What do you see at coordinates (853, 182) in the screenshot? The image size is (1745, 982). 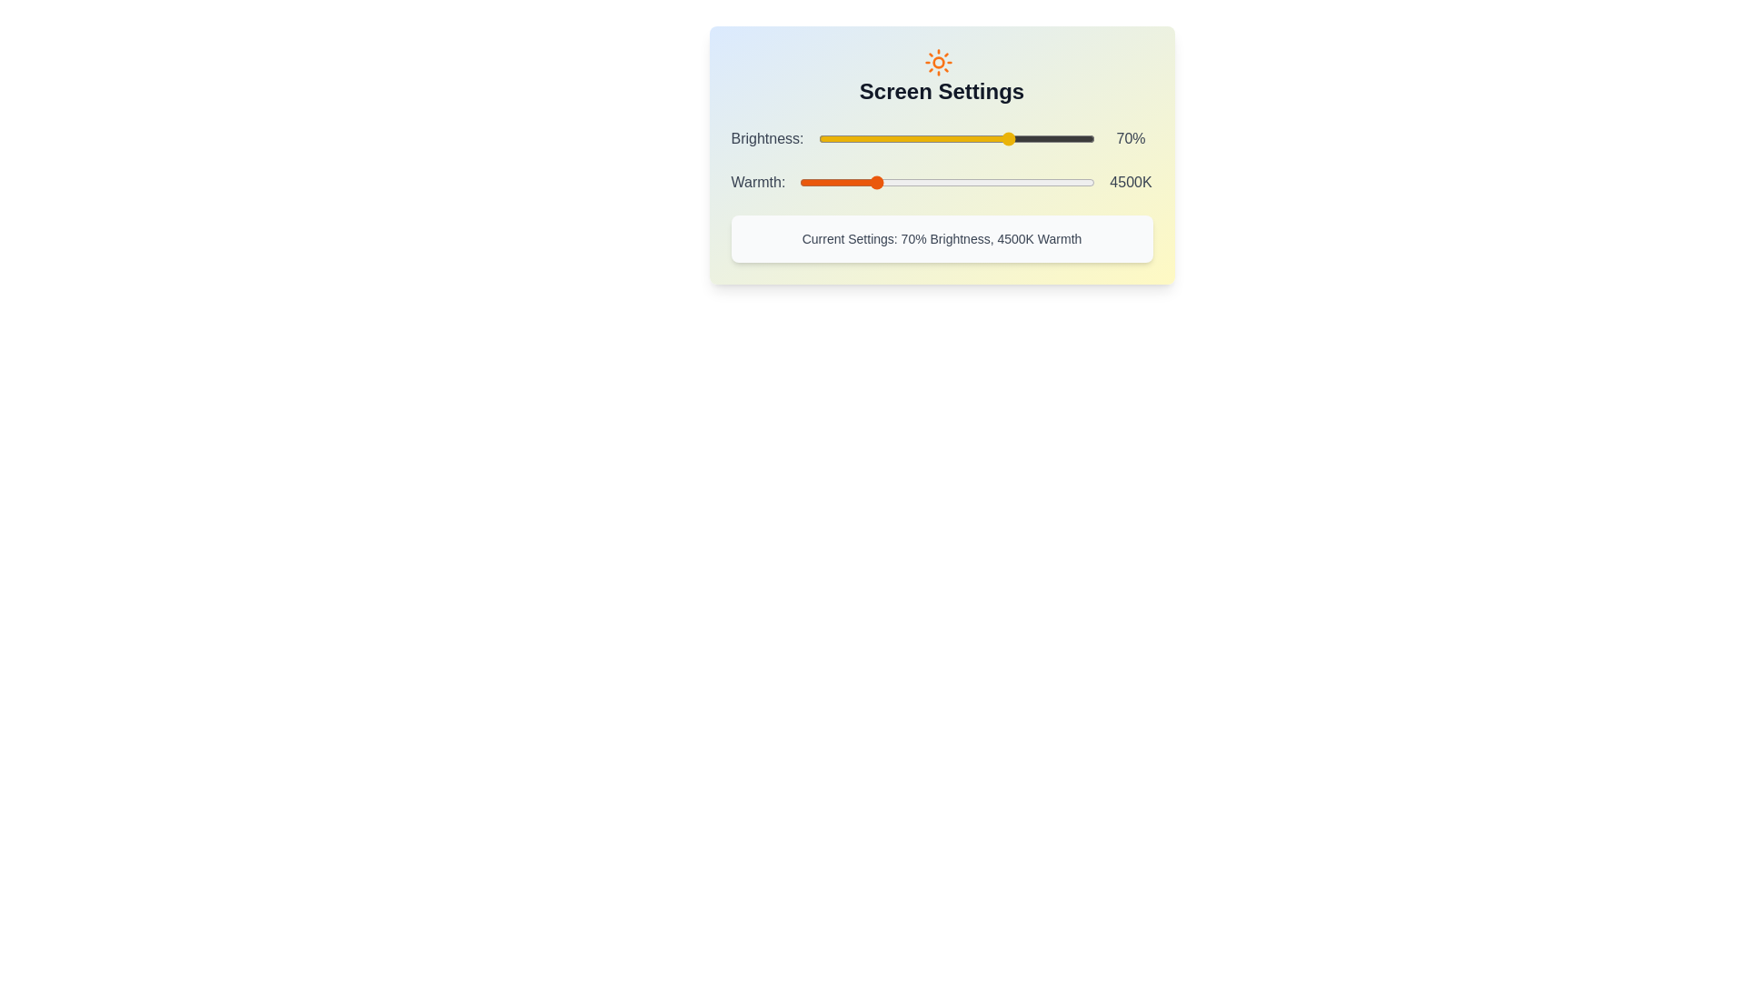 I see `the Warmth slider to set the warmth to 4108 K` at bounding box center [853, 182].